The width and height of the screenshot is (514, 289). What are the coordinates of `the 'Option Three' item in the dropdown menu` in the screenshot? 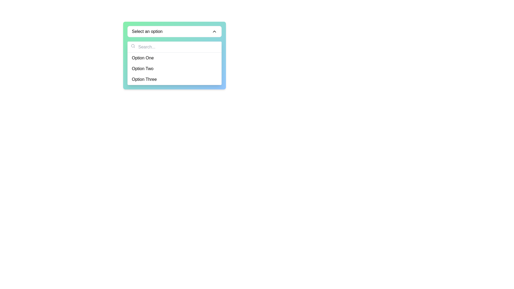 It's located at (174, 79).